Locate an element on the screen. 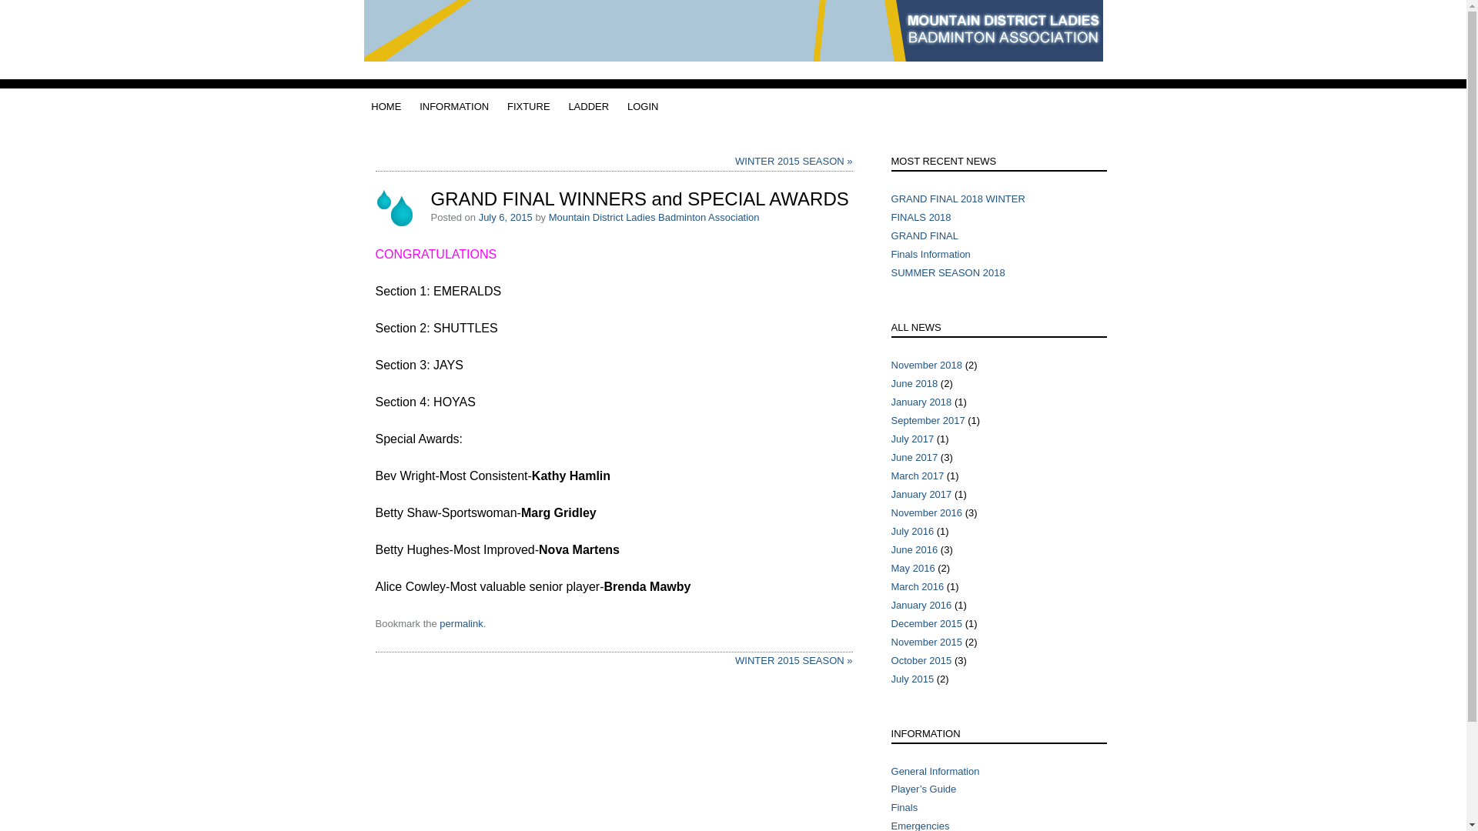 The width and height of the screenshot is (1478, 831). 'FINALS 2018' is located at coordinates (921, 217).